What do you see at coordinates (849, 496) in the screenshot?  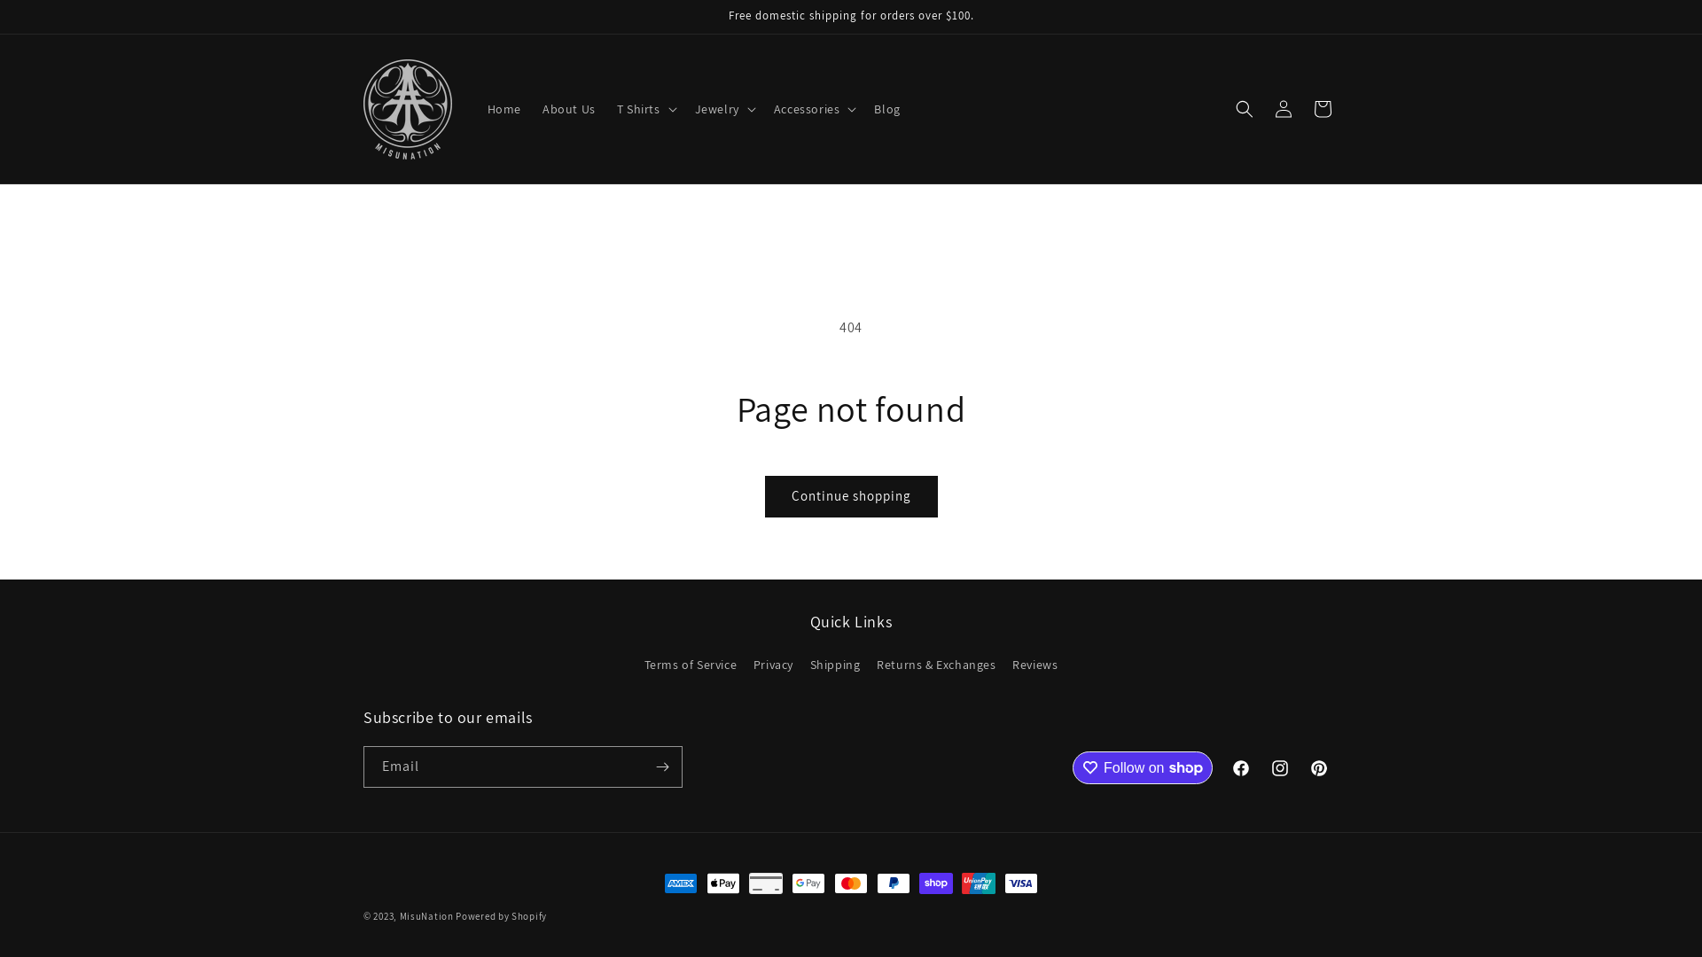 I see `'Continue shopping'` at bounding box center [849, 496].